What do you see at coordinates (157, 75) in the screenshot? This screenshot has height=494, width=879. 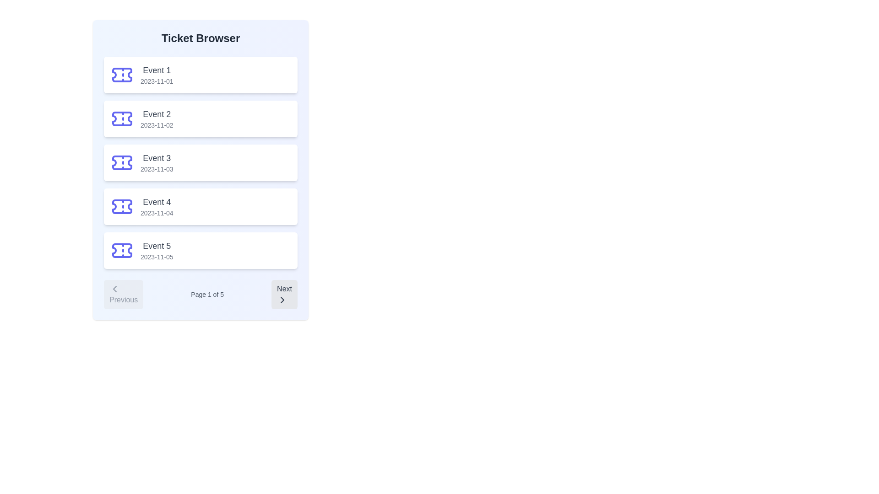 I see `the first item` at bounding box center [157, 75].